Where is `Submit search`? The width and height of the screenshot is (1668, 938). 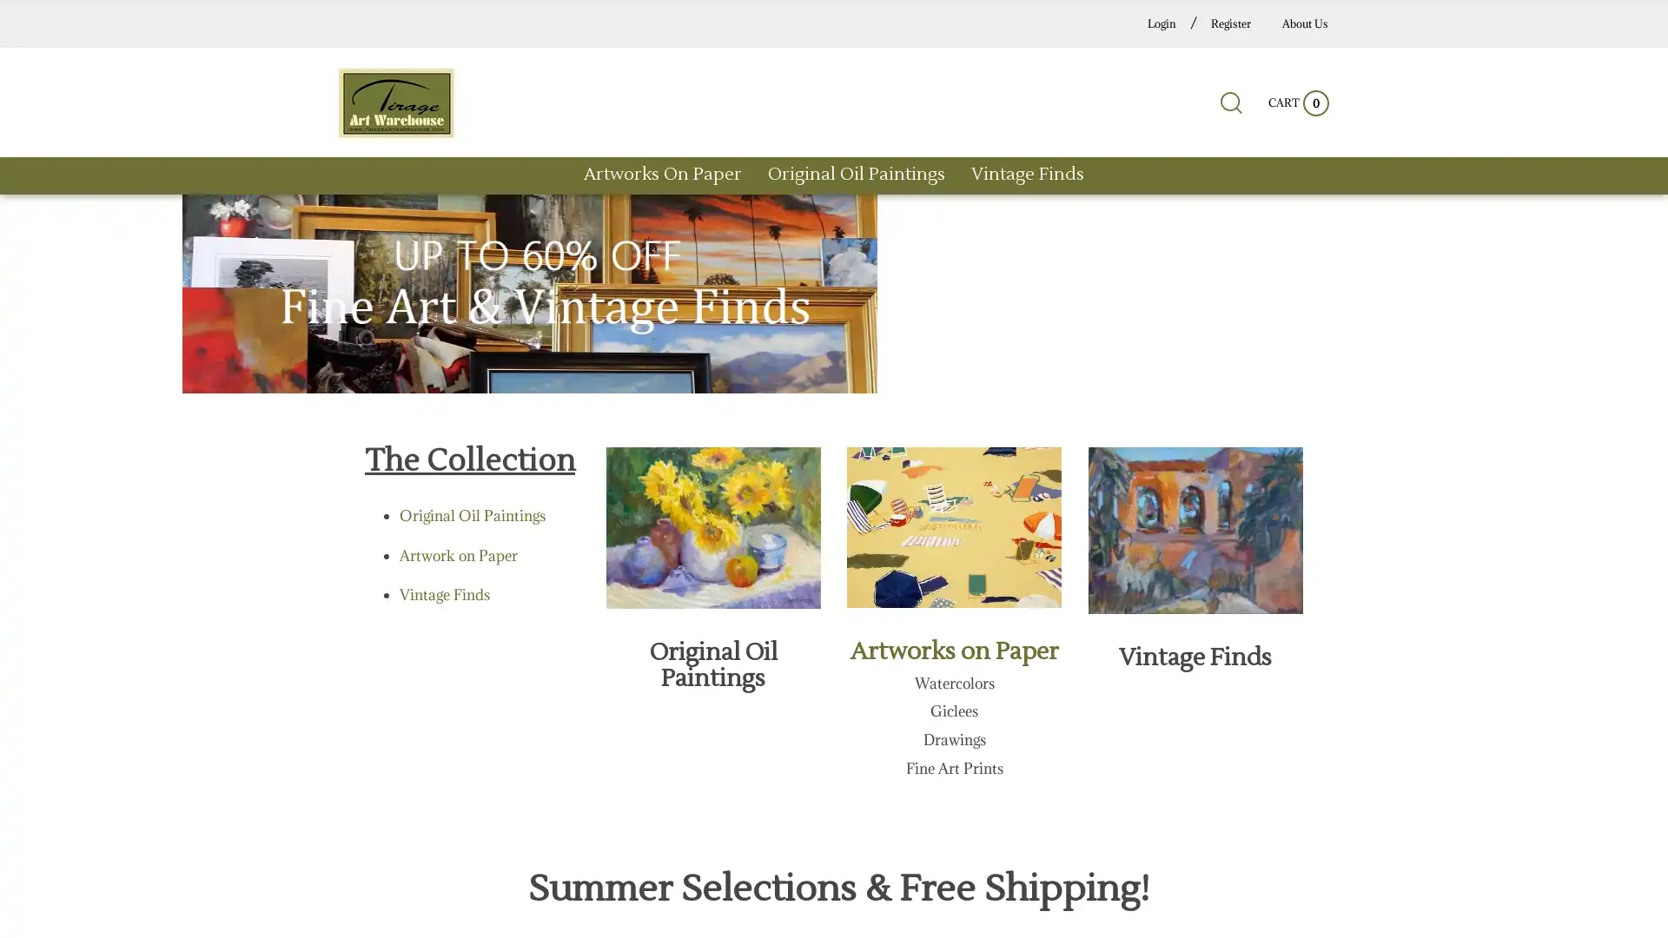
Submit search is located at coordinates (1155, 110).